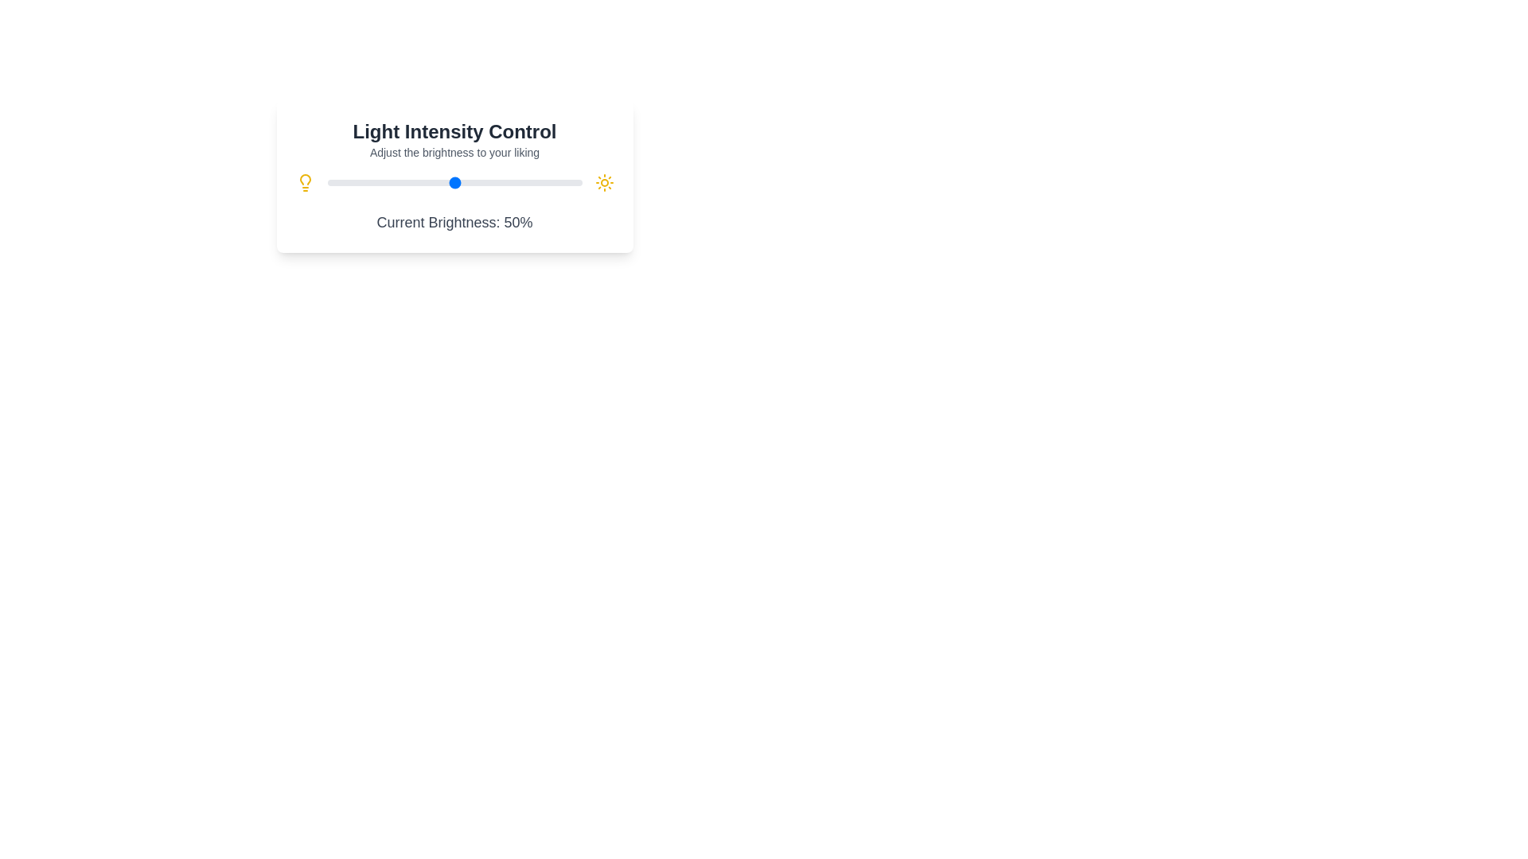 This screenshot has width=1528, height=859. Describe the element at coordinates (454, 223) in the screenshot. I see `the displayed brightness value from the text component` at that location.